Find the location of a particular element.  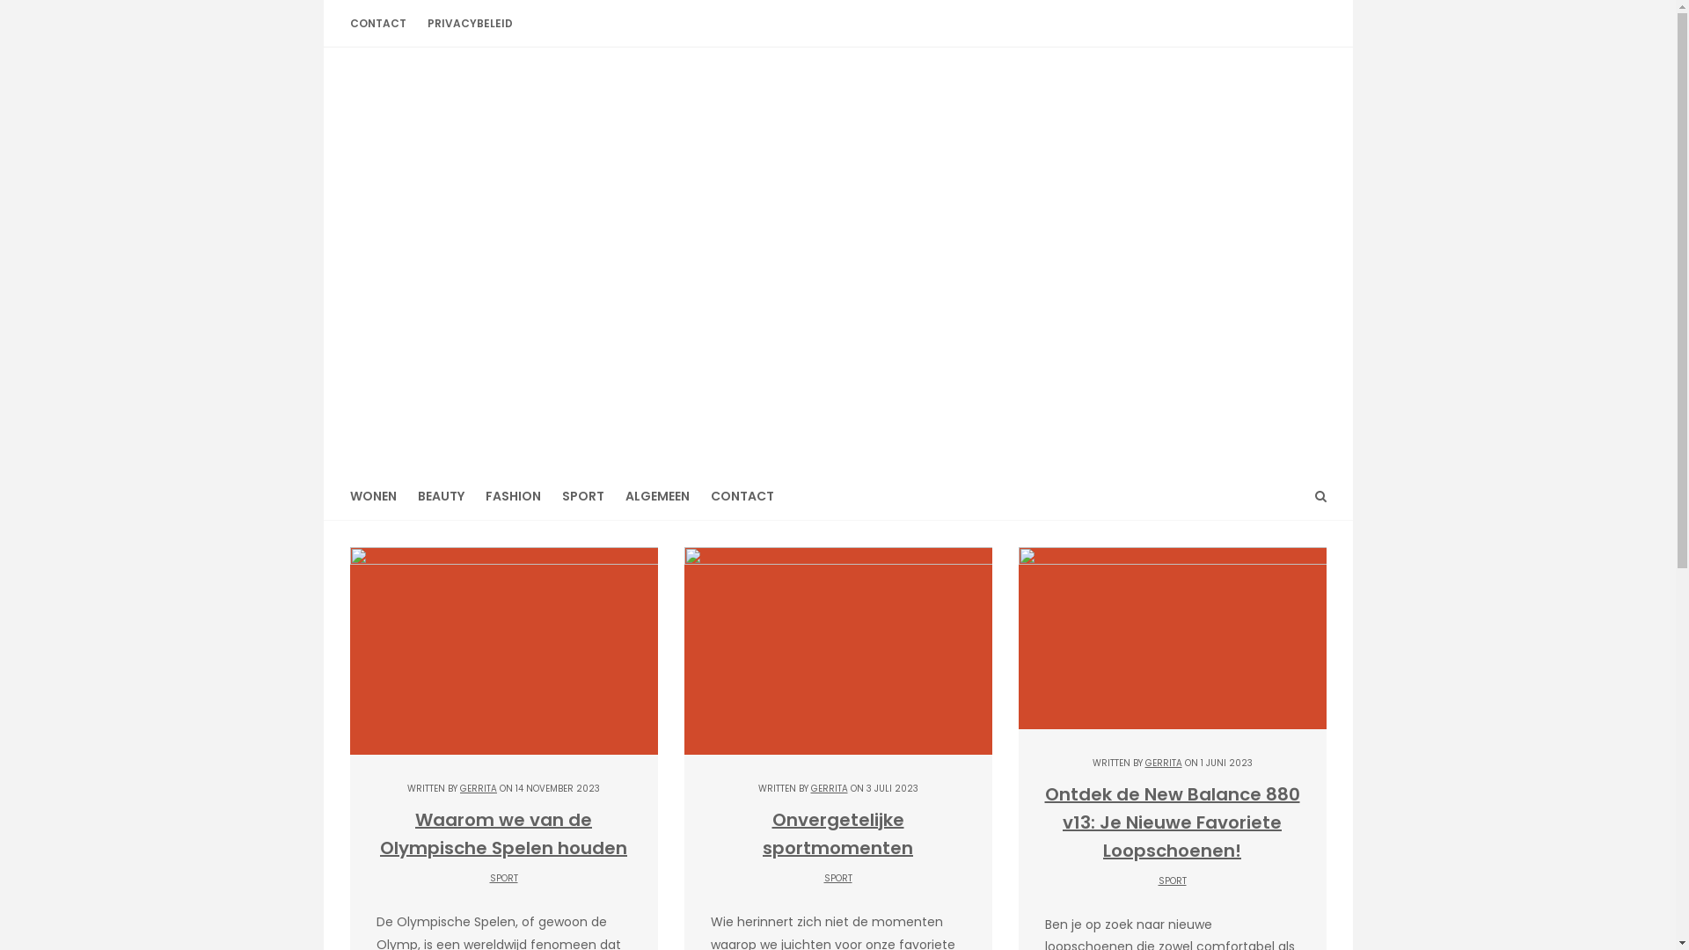

'BEAUTY' is located at coordinates (405, 496).